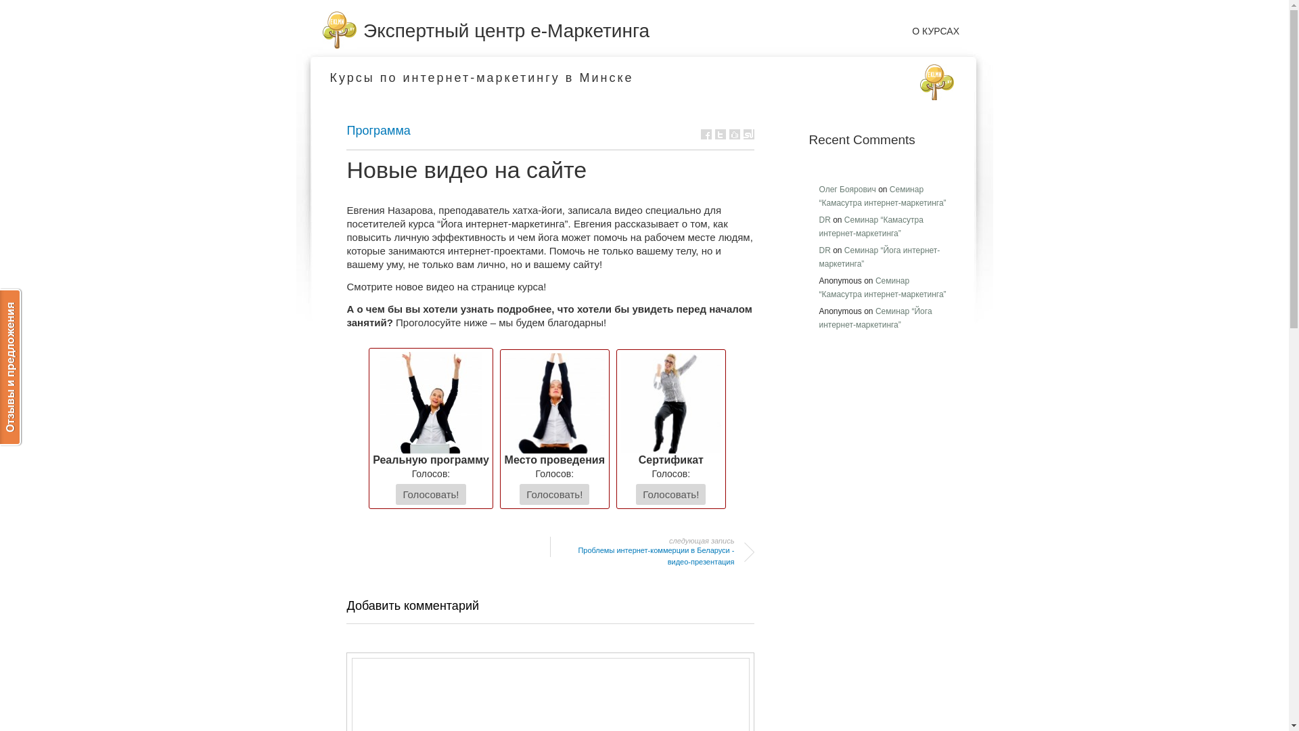 This screenshot has width=1299, height=731. Describe the element at coordinates (823, 219) in the screenshot. I see `'DR'` at that location.